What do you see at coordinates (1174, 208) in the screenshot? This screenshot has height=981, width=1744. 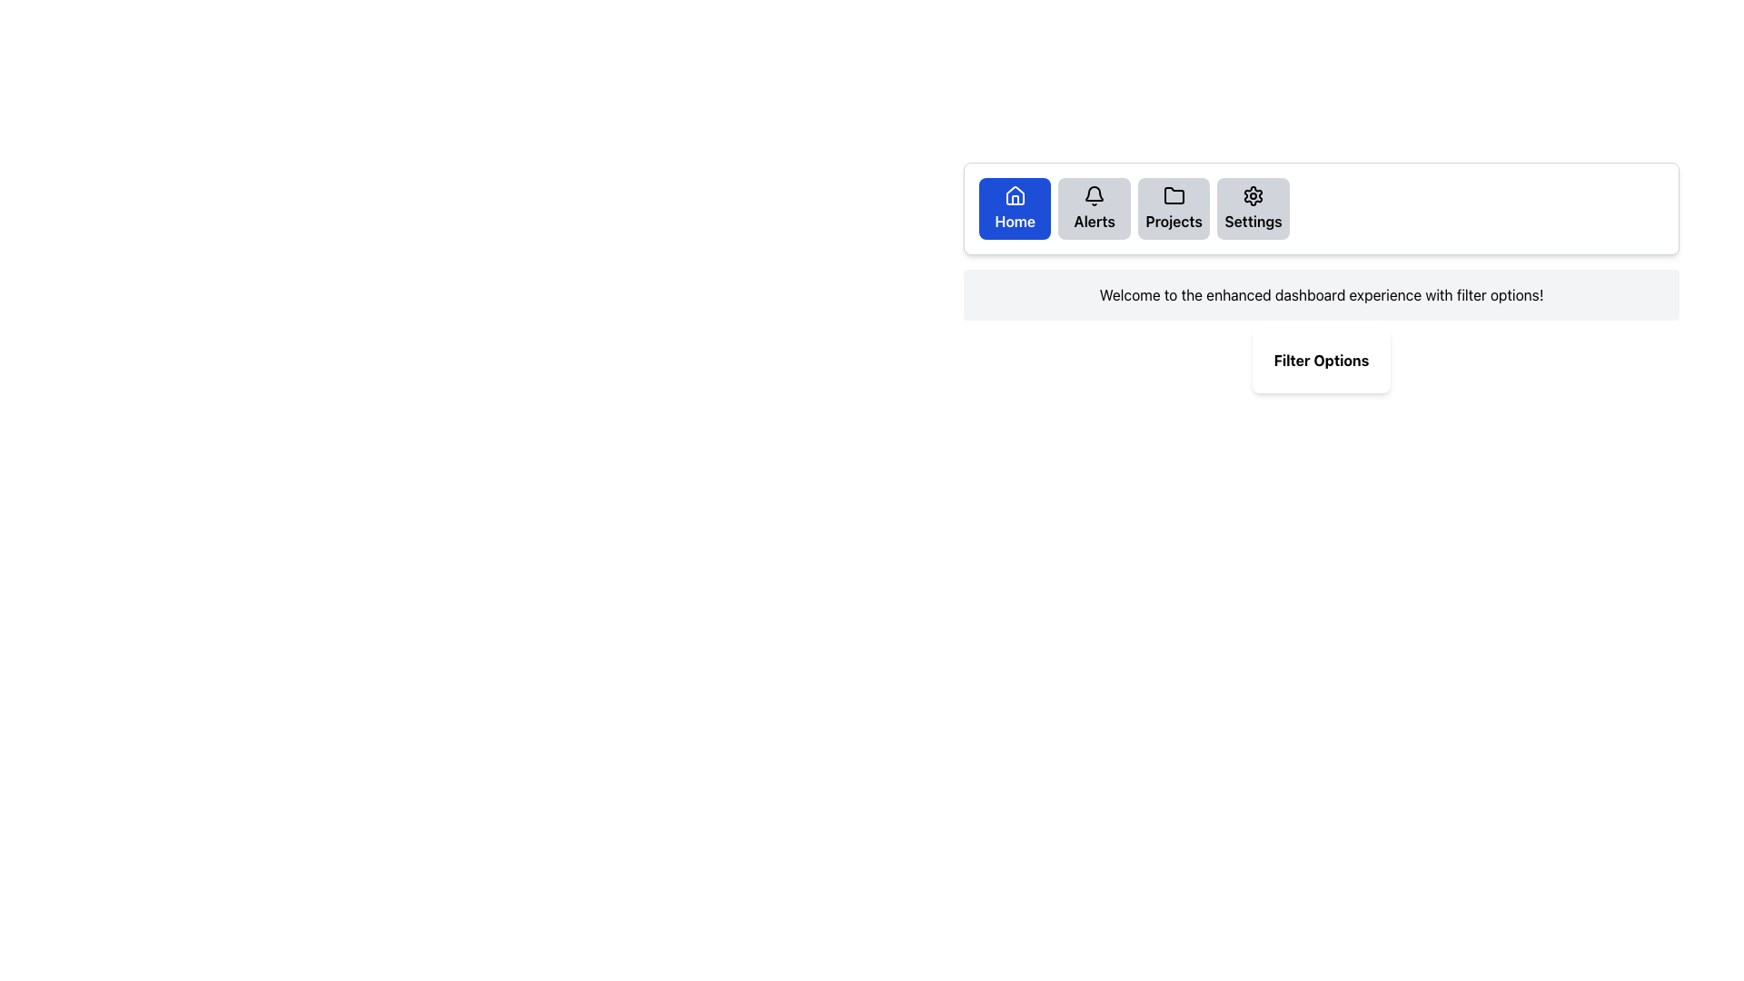 I see `the 'Projects' button, which is a clickable button with a folder icon and a text label, located in the top-right section of the page` at bounding box center [1174, 208].